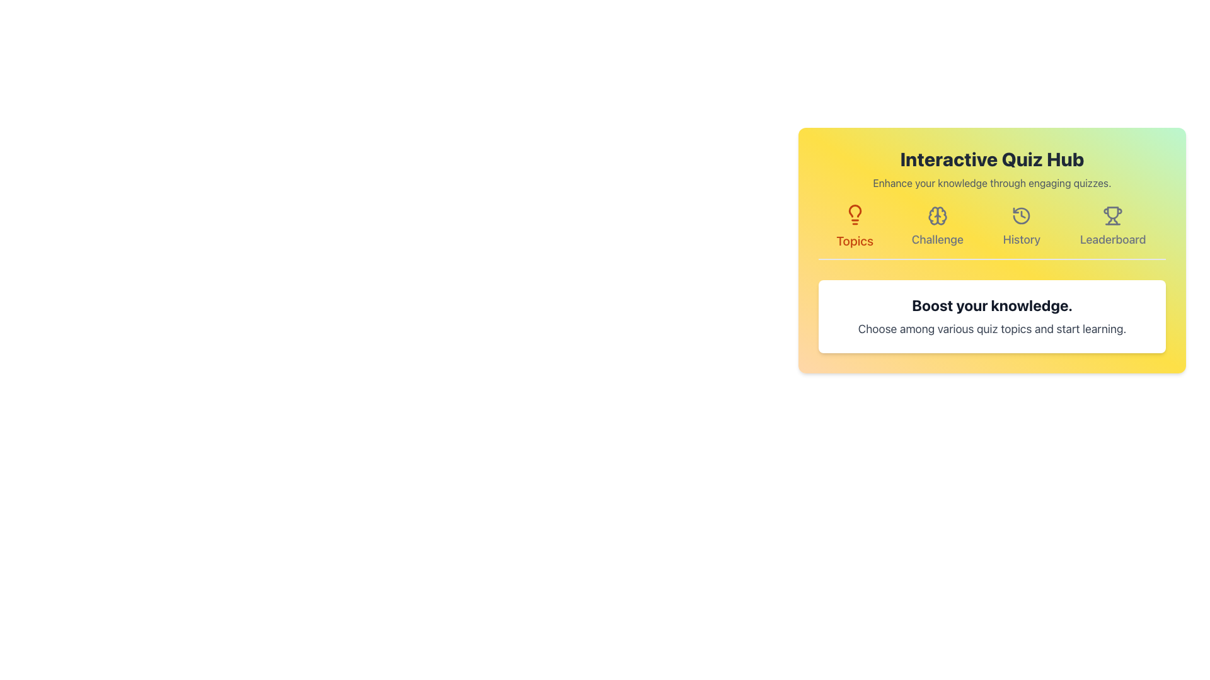 This screenshot has width=1210, height=680. What do you see at coordinates (991, 183) in the screenshot?
I see `the text label stating 'Enhance your knowledge through engaging quizzes.' which is positioned below the heading 'Interactive Quiz Hub' and above the icons for 'Topics,' 'Challenge,' 'History,' and 'Leaderboard.'` at bounding box center [991, 183].